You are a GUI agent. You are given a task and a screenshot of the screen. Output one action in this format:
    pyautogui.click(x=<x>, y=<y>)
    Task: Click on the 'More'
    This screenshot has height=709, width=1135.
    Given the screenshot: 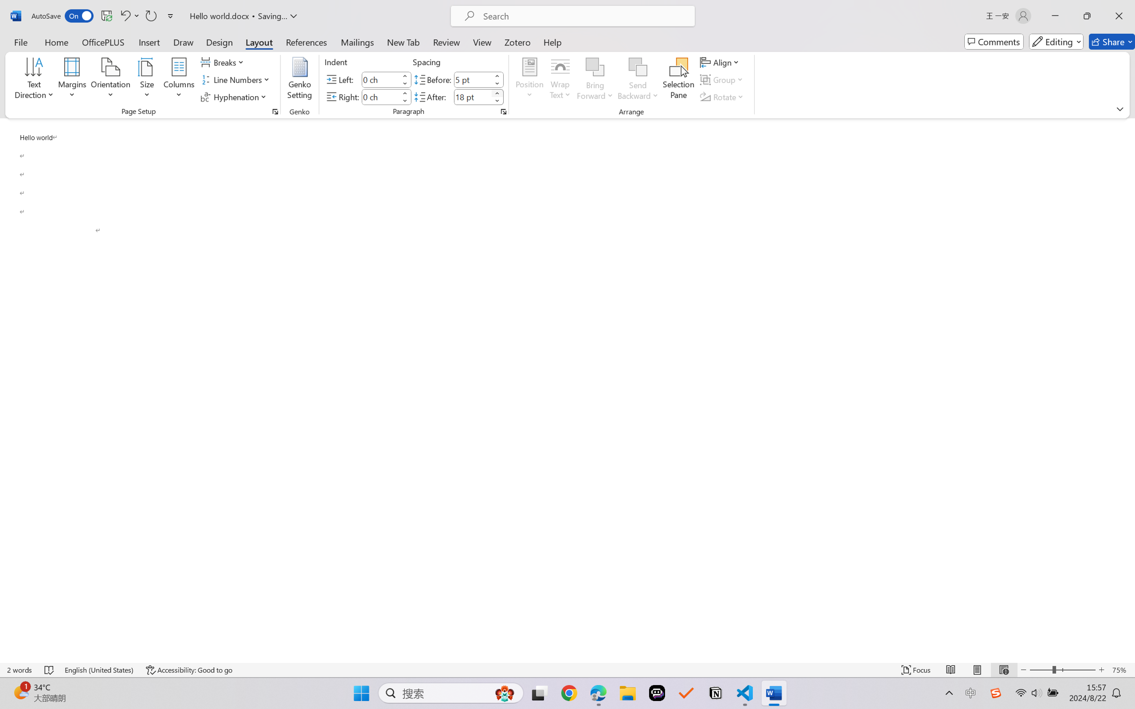 What is the action you would take?
    pyautogui.click(x=497, y=93)
    